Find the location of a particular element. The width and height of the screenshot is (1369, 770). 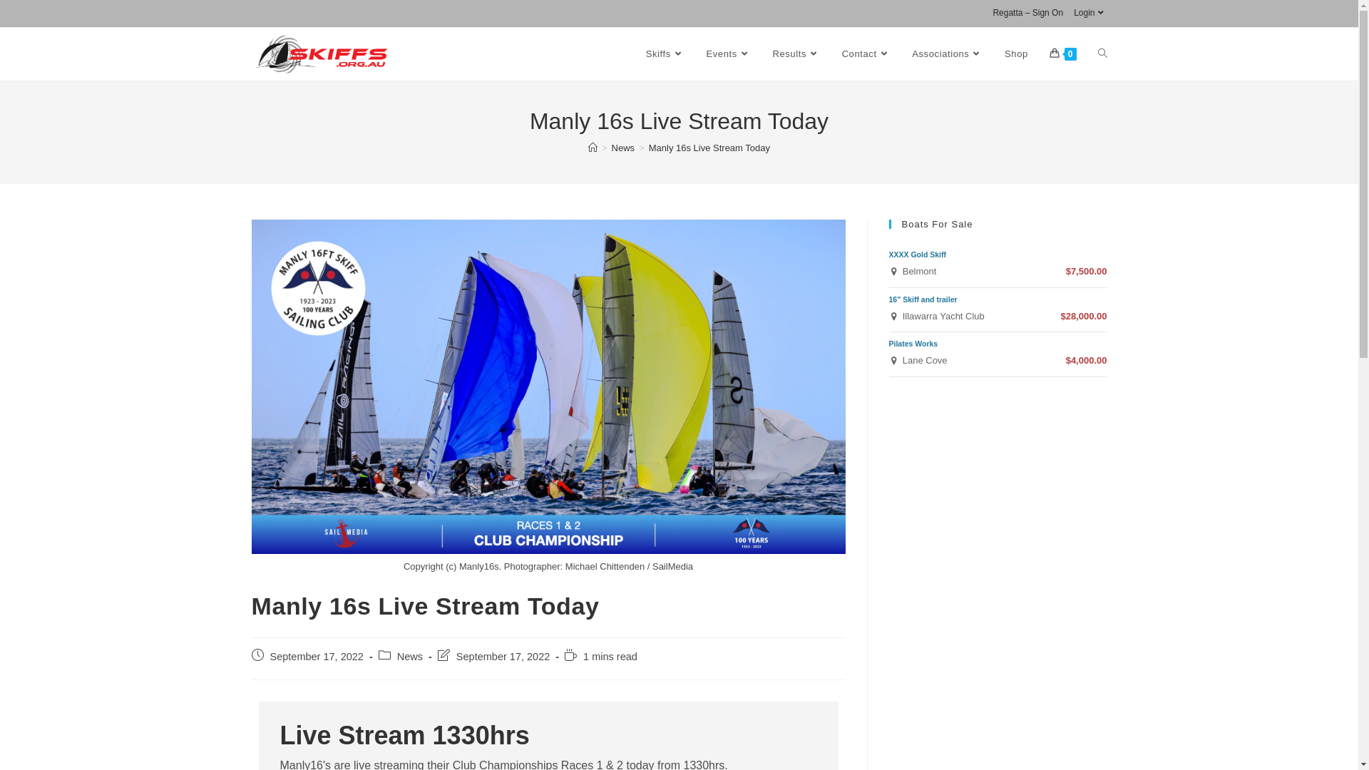

'Contact' is located at coordinates (866, 53).